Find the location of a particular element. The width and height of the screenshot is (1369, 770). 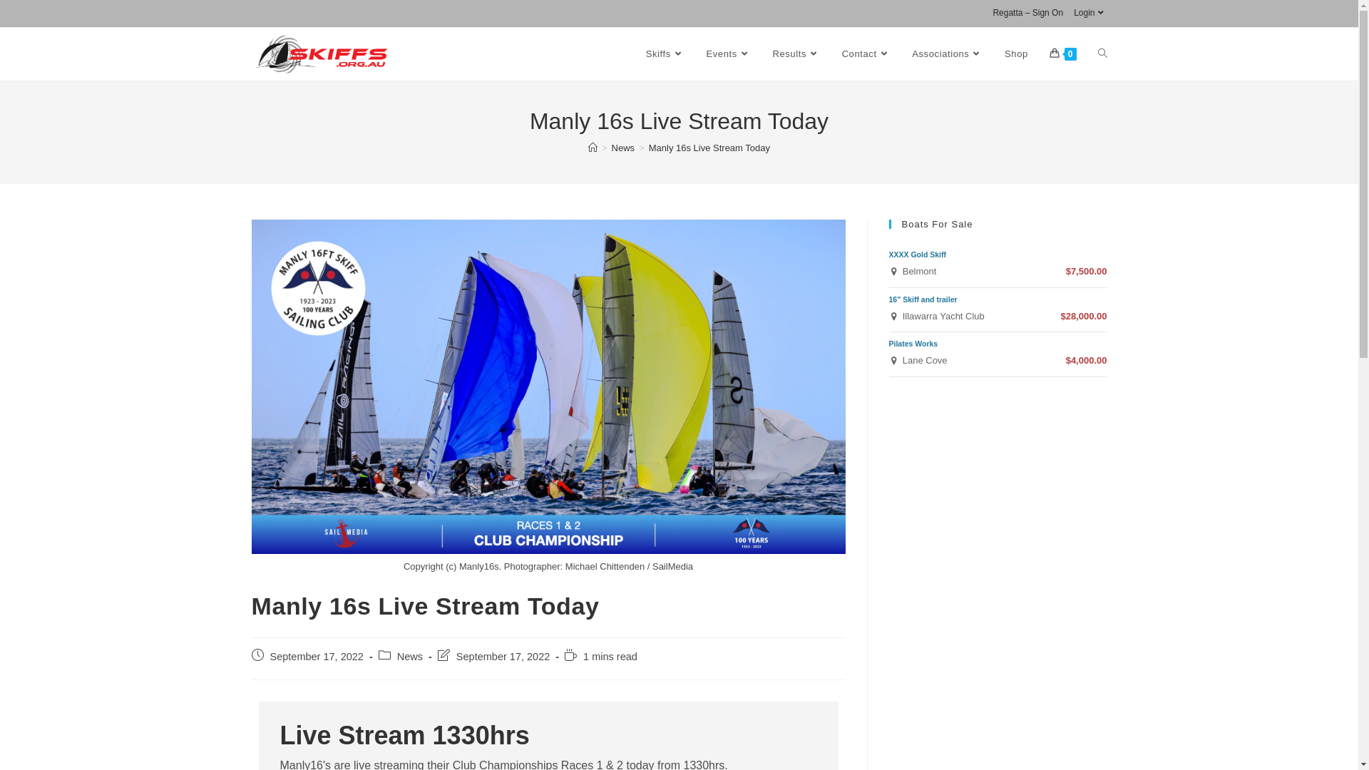

'Contact' is located at coordinates (866, 53).